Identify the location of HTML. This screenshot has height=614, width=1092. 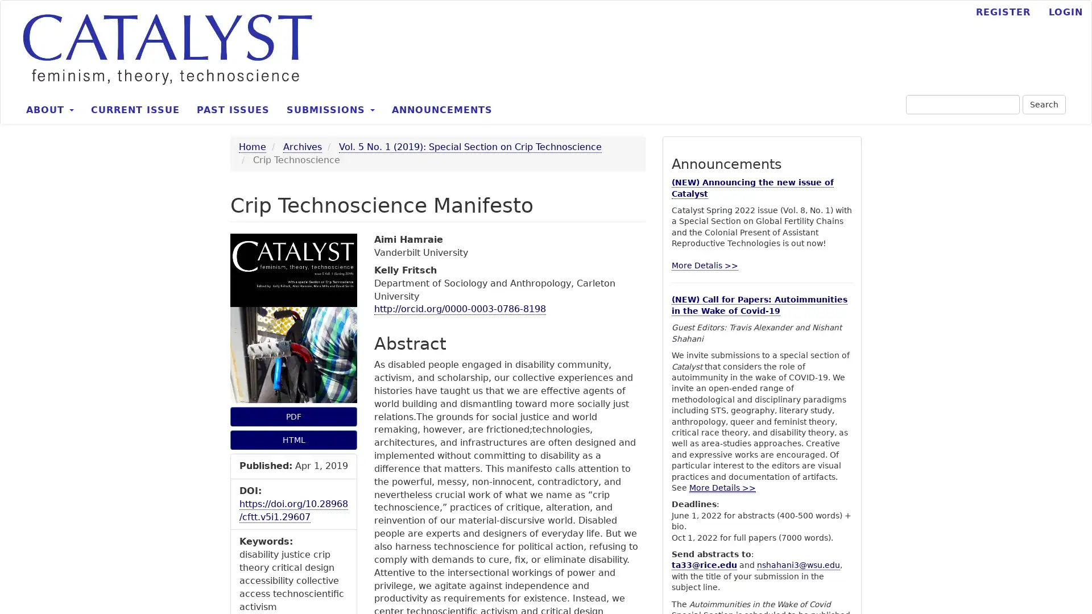
(293, 439).